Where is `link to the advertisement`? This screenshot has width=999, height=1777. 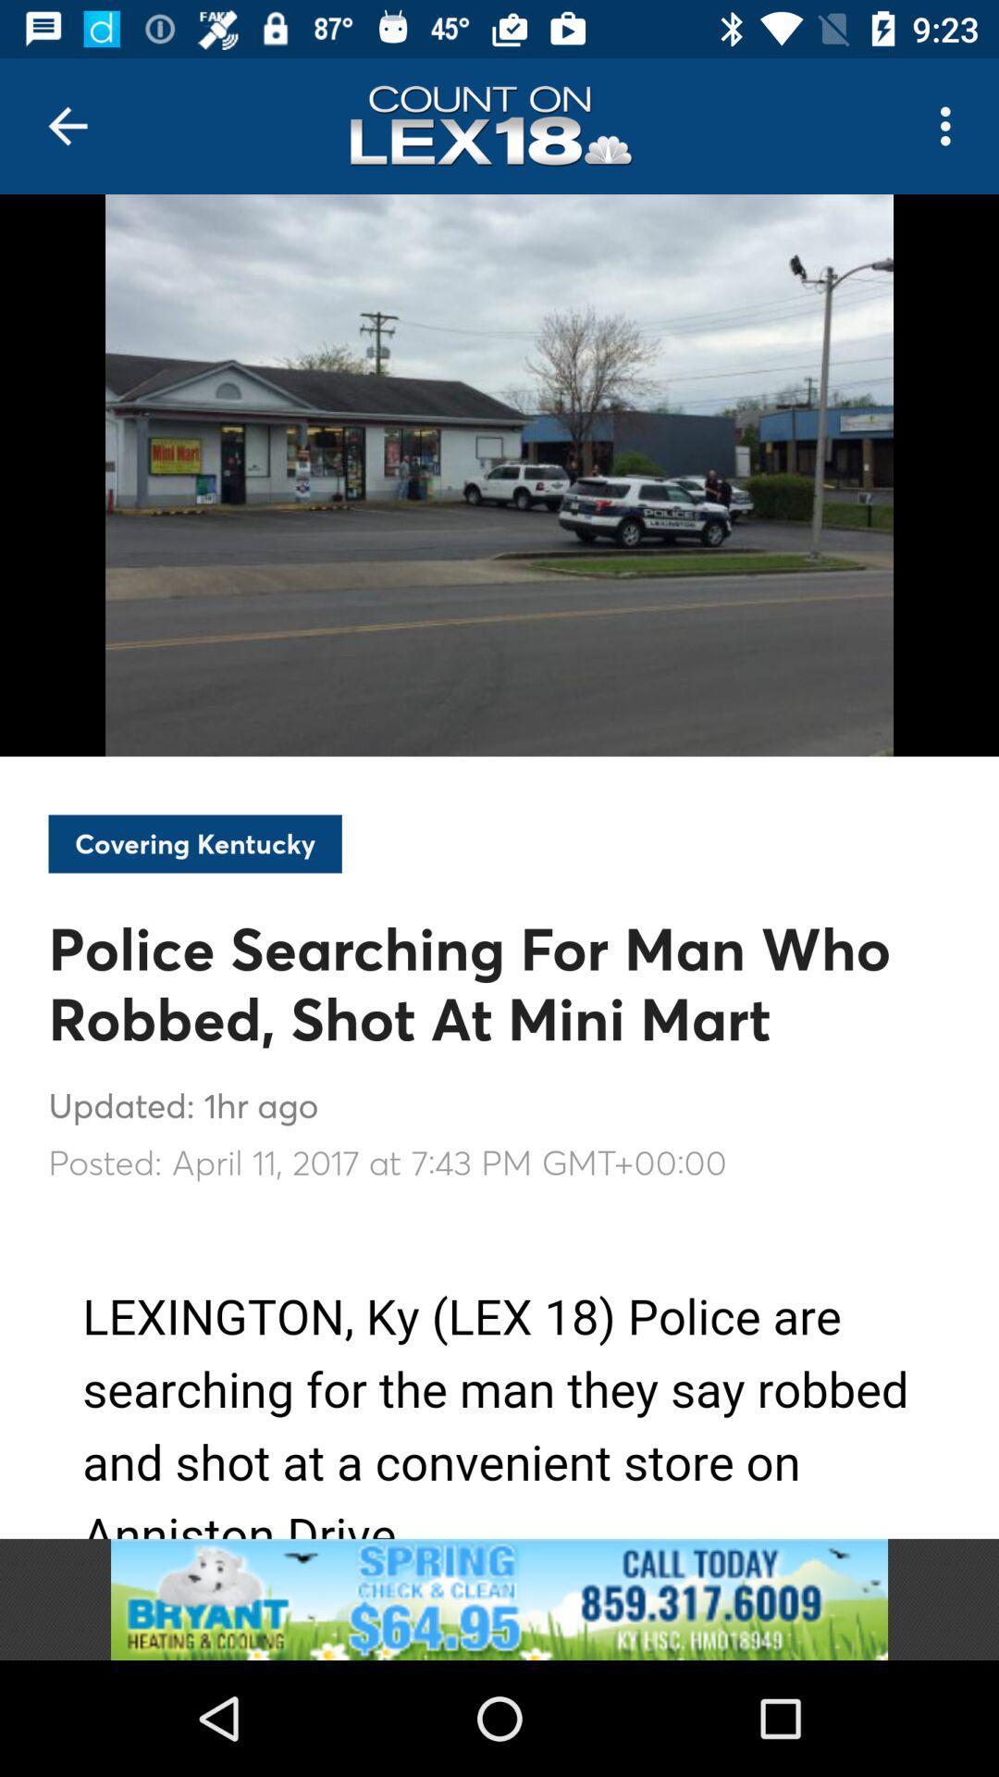 link to the advertisement is located at coordinates (499, 1598).